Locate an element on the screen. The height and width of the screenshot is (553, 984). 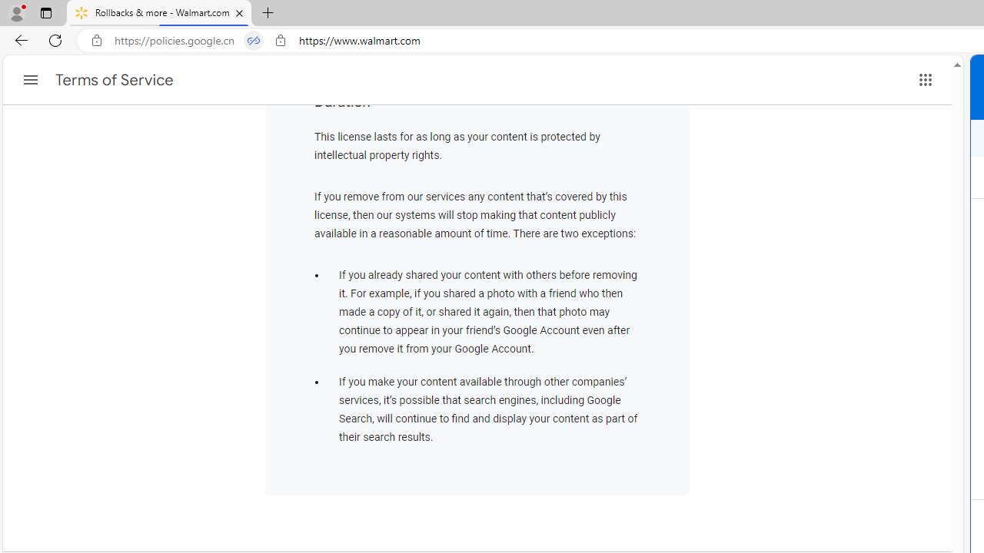
'View site information' is located at coordinates (281, 40).